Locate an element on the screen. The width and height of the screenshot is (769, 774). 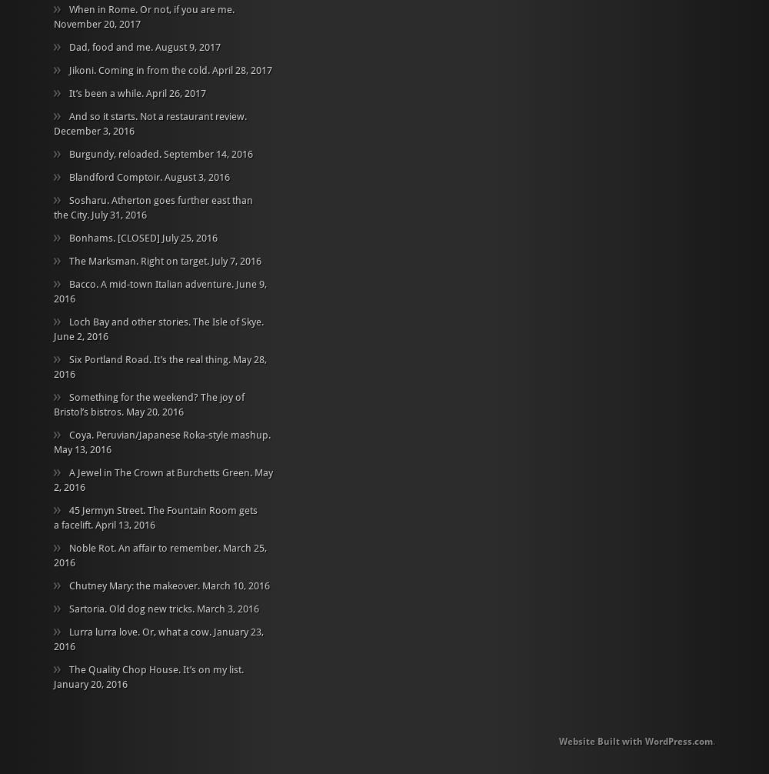
'July 25, 2016' is located at coordinates (189, 236).